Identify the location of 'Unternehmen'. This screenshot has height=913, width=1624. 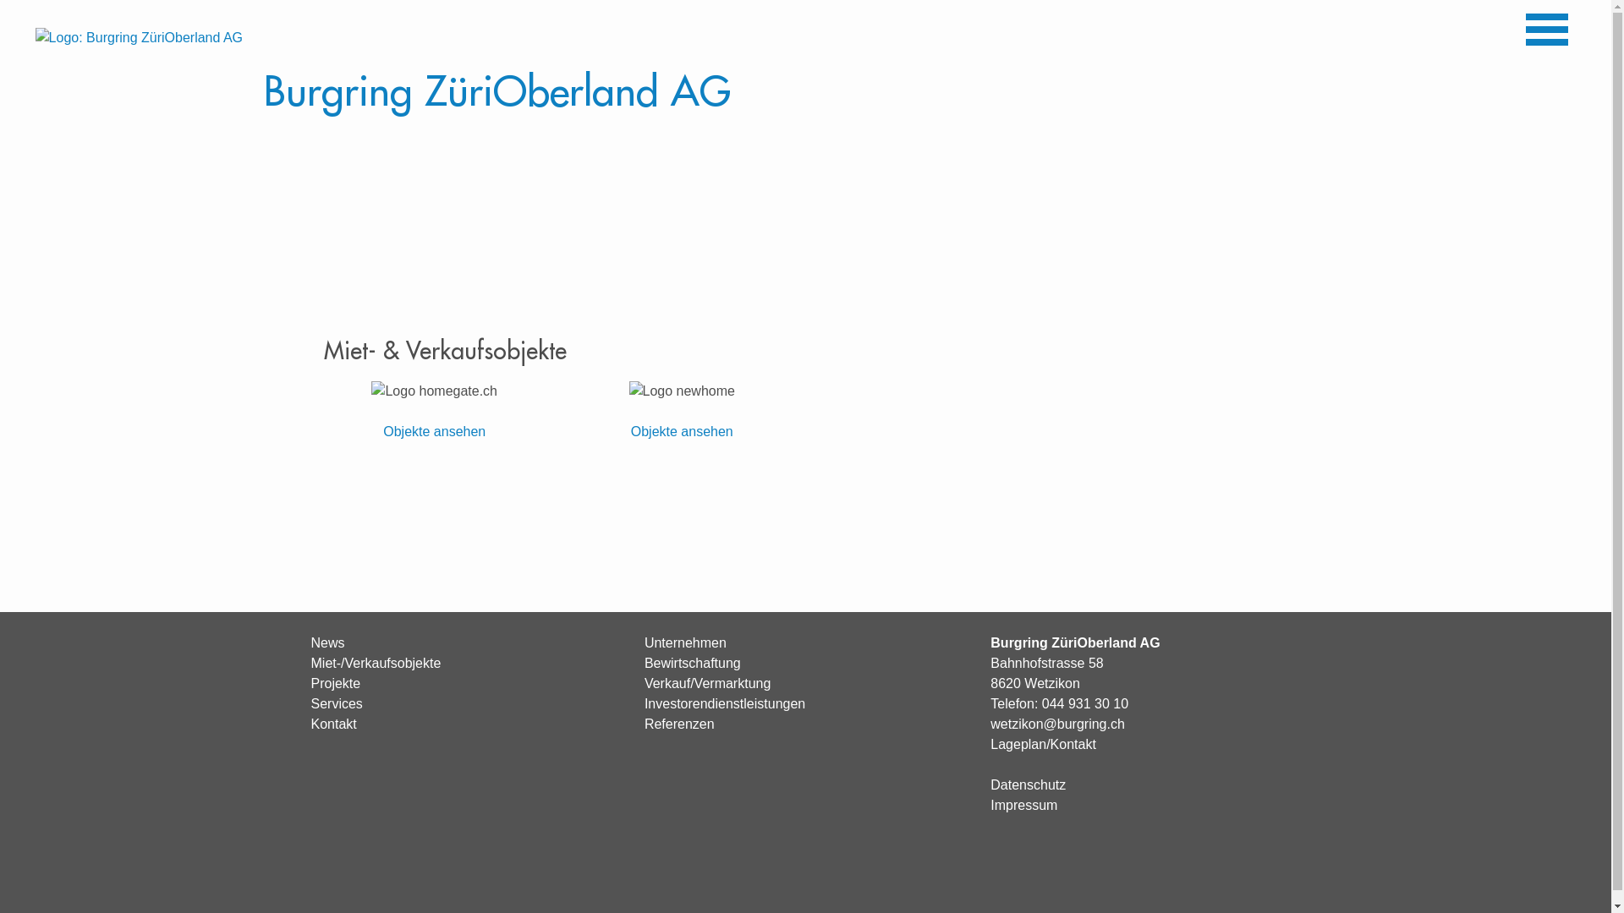
(644, 642).